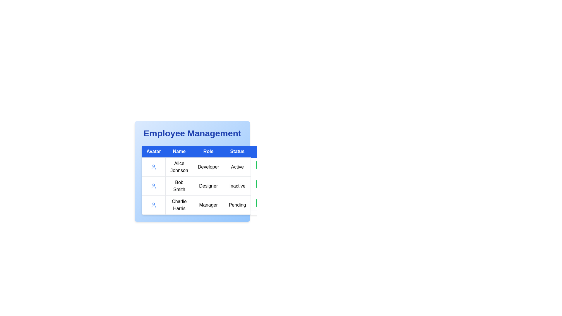 This screenshot has width=562, height=316. What do you see at coordinates (154, 151) in the screenshot?
I see `the 'Avatar' table header, which is the first header in the list, displaying white text on a blue background, located directly under 'Employee Management'` at bounding box center [154, 151].